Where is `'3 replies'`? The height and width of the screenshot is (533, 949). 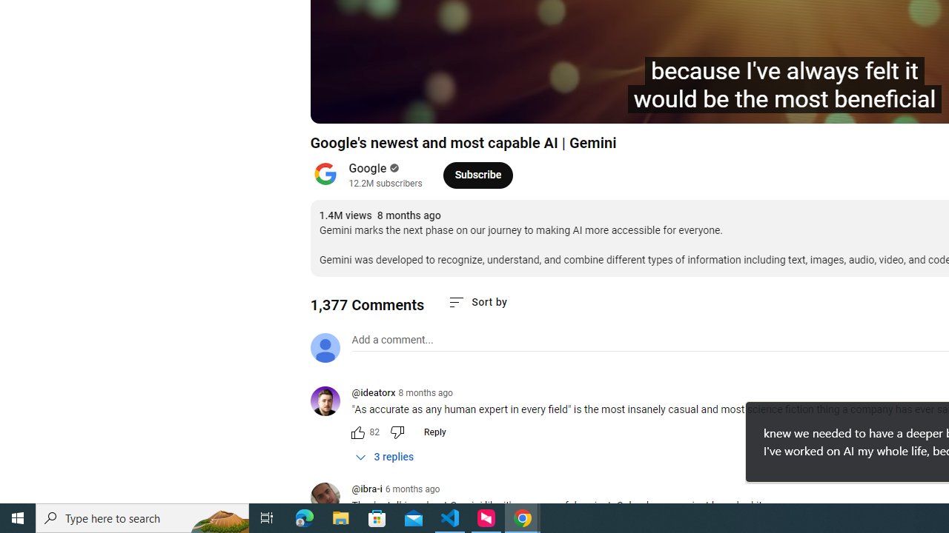 '3 replies' is located at coordinates (385, 456).